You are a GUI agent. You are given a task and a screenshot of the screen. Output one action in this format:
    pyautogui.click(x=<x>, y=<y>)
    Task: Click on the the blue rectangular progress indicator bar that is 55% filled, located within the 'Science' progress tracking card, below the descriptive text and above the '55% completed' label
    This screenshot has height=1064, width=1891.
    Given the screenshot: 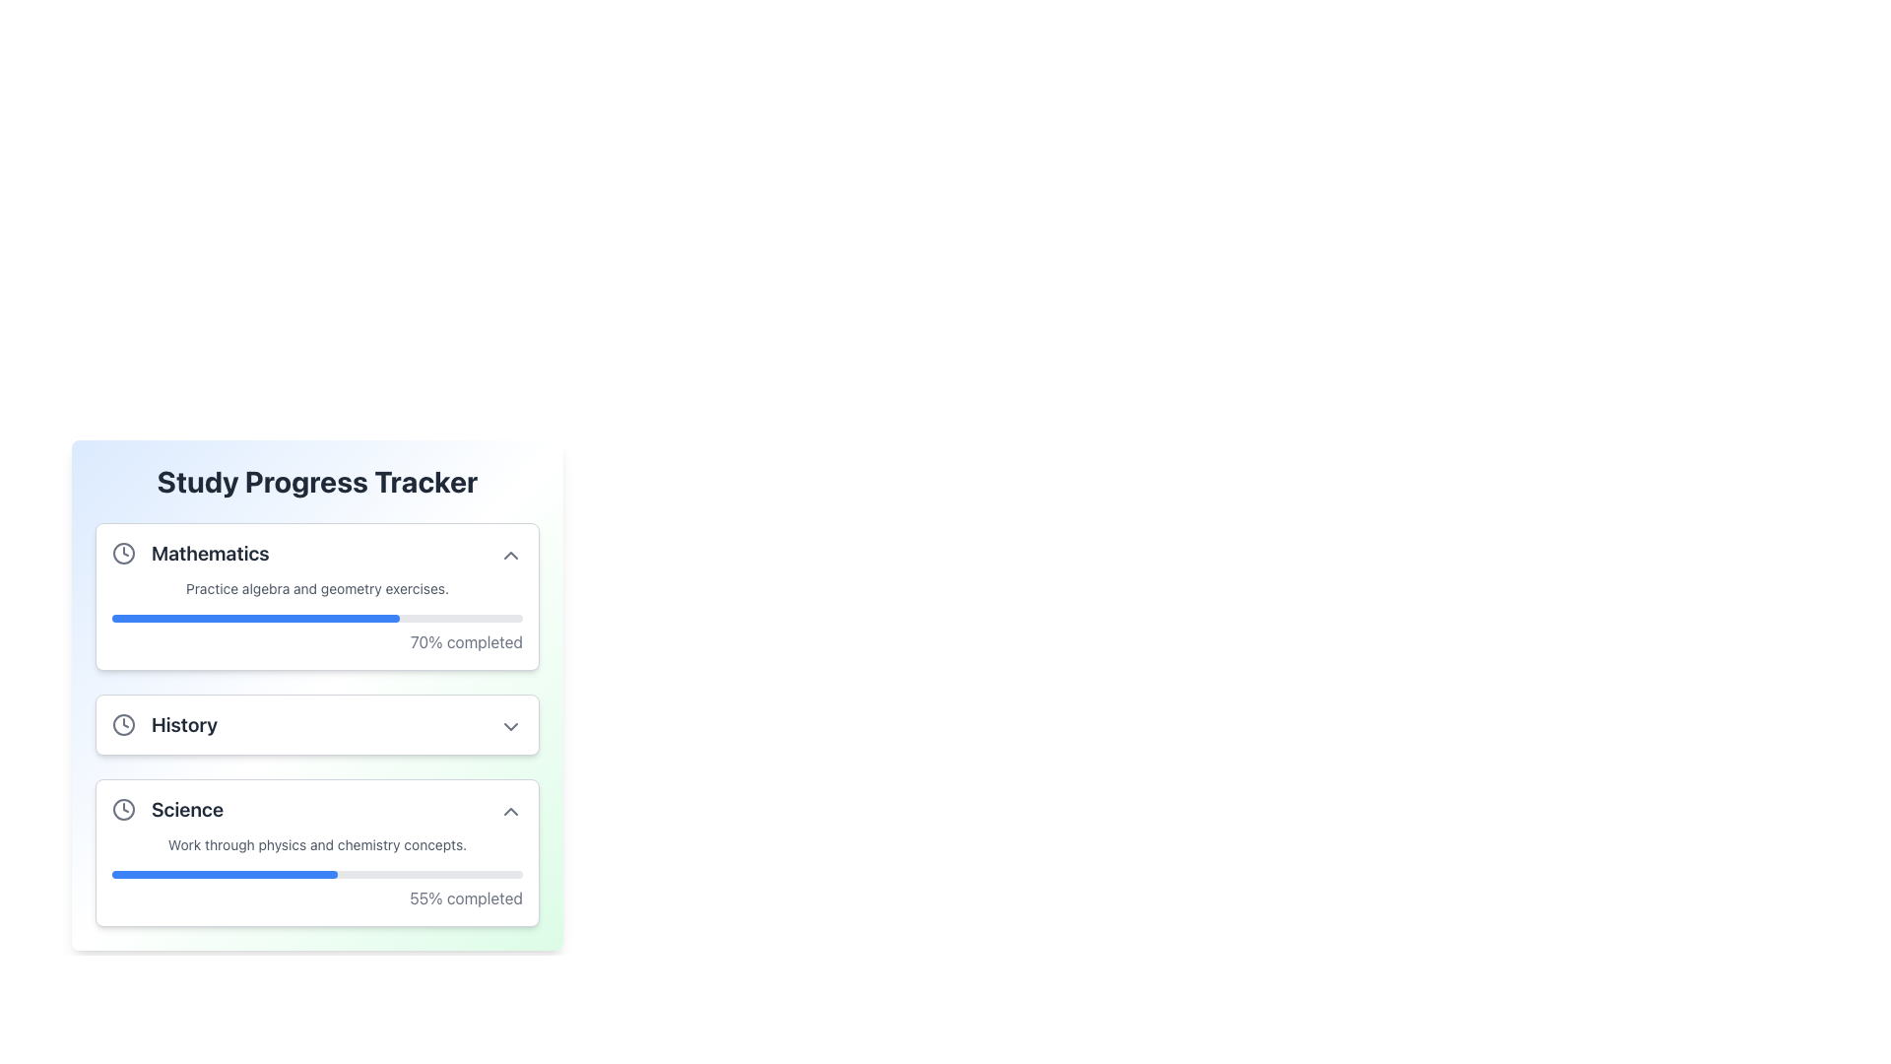 What is the action you would take?
    pyautogui.click(x=225, y=873)
    